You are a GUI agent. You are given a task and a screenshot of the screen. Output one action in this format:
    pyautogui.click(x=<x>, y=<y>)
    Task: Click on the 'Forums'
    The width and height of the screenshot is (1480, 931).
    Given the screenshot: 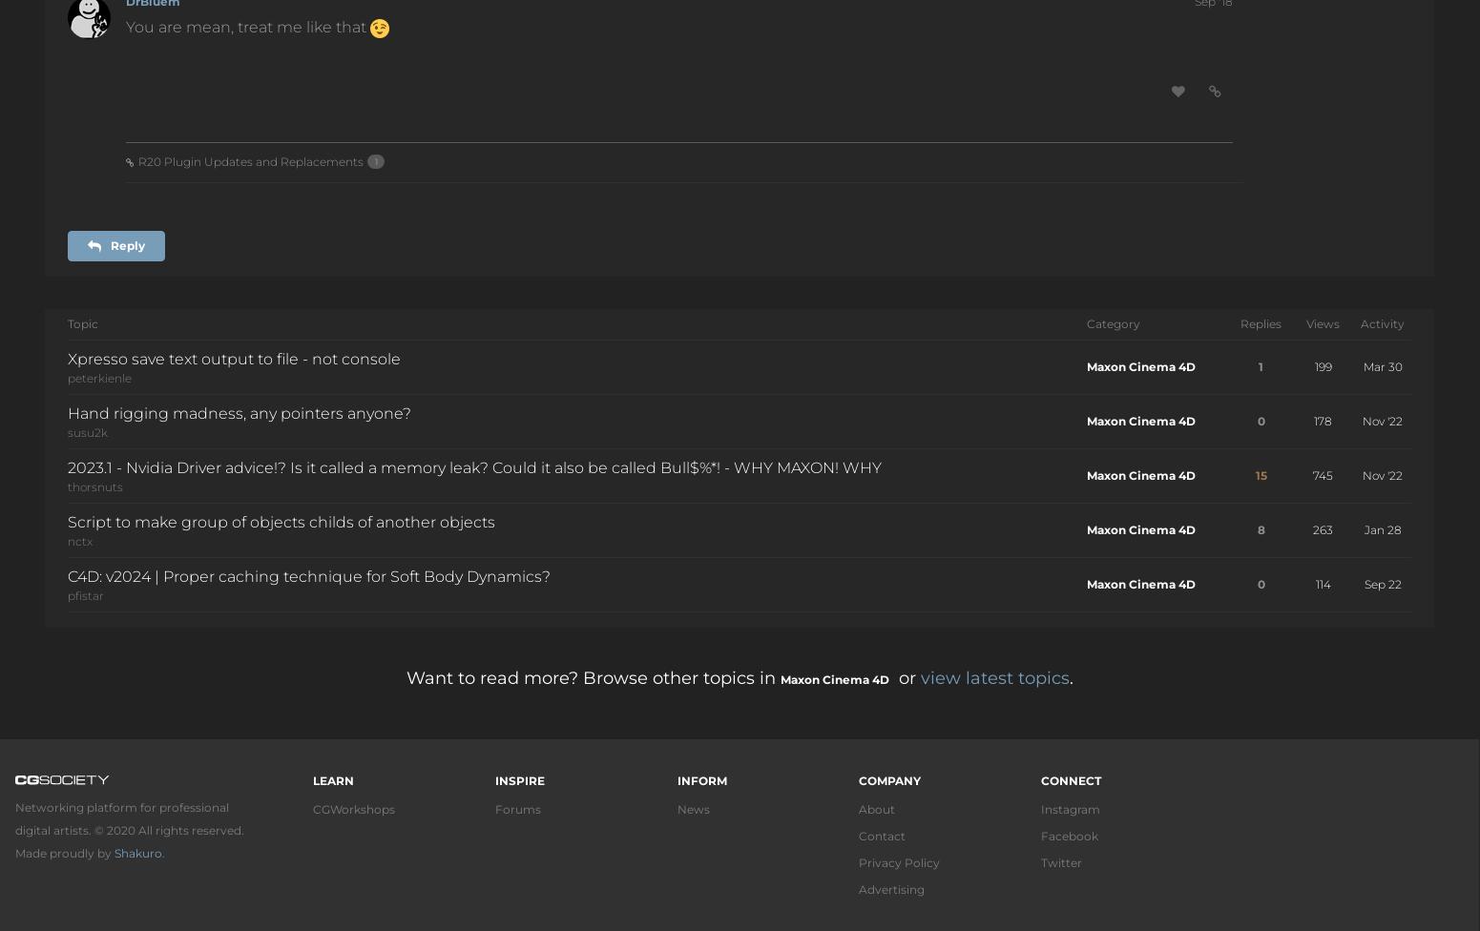 What is the action you would take?
    pyautogui.click(x=517, y=809)
    